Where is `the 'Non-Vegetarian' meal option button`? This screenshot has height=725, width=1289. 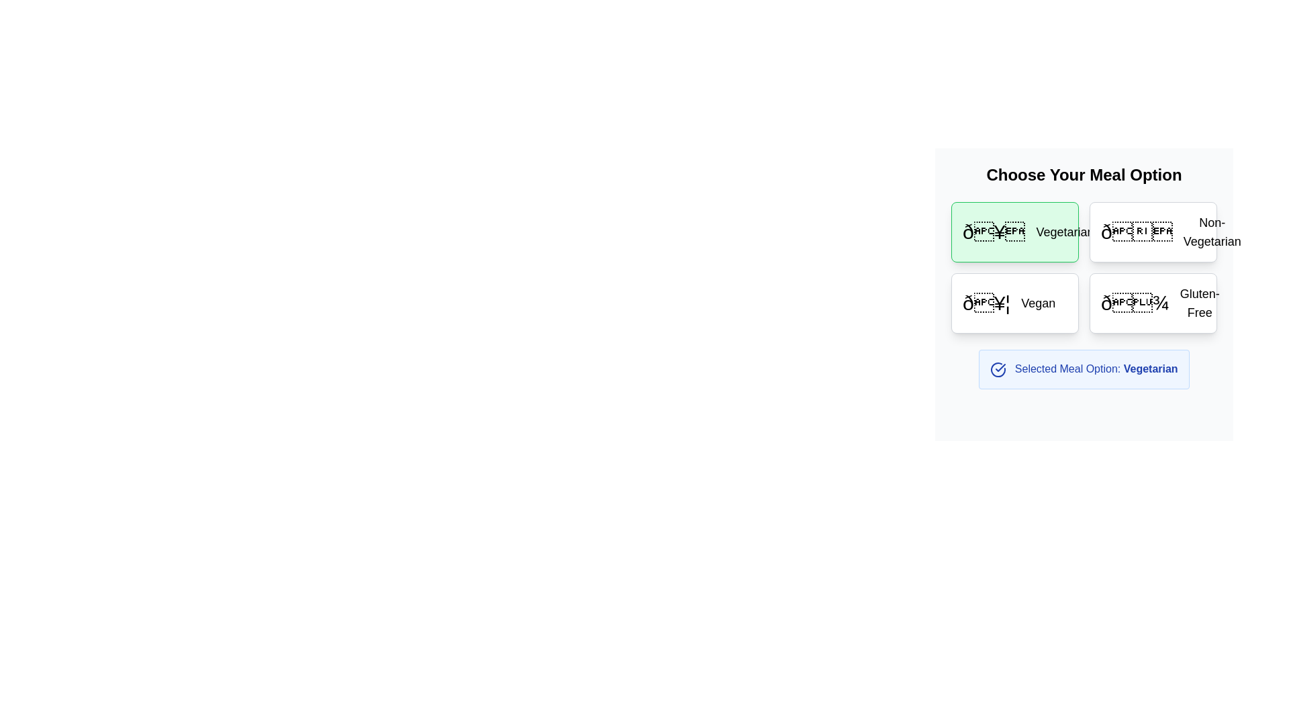
the 'Non-Vegetarian' meal option button is located at coordinates (1153, 232).